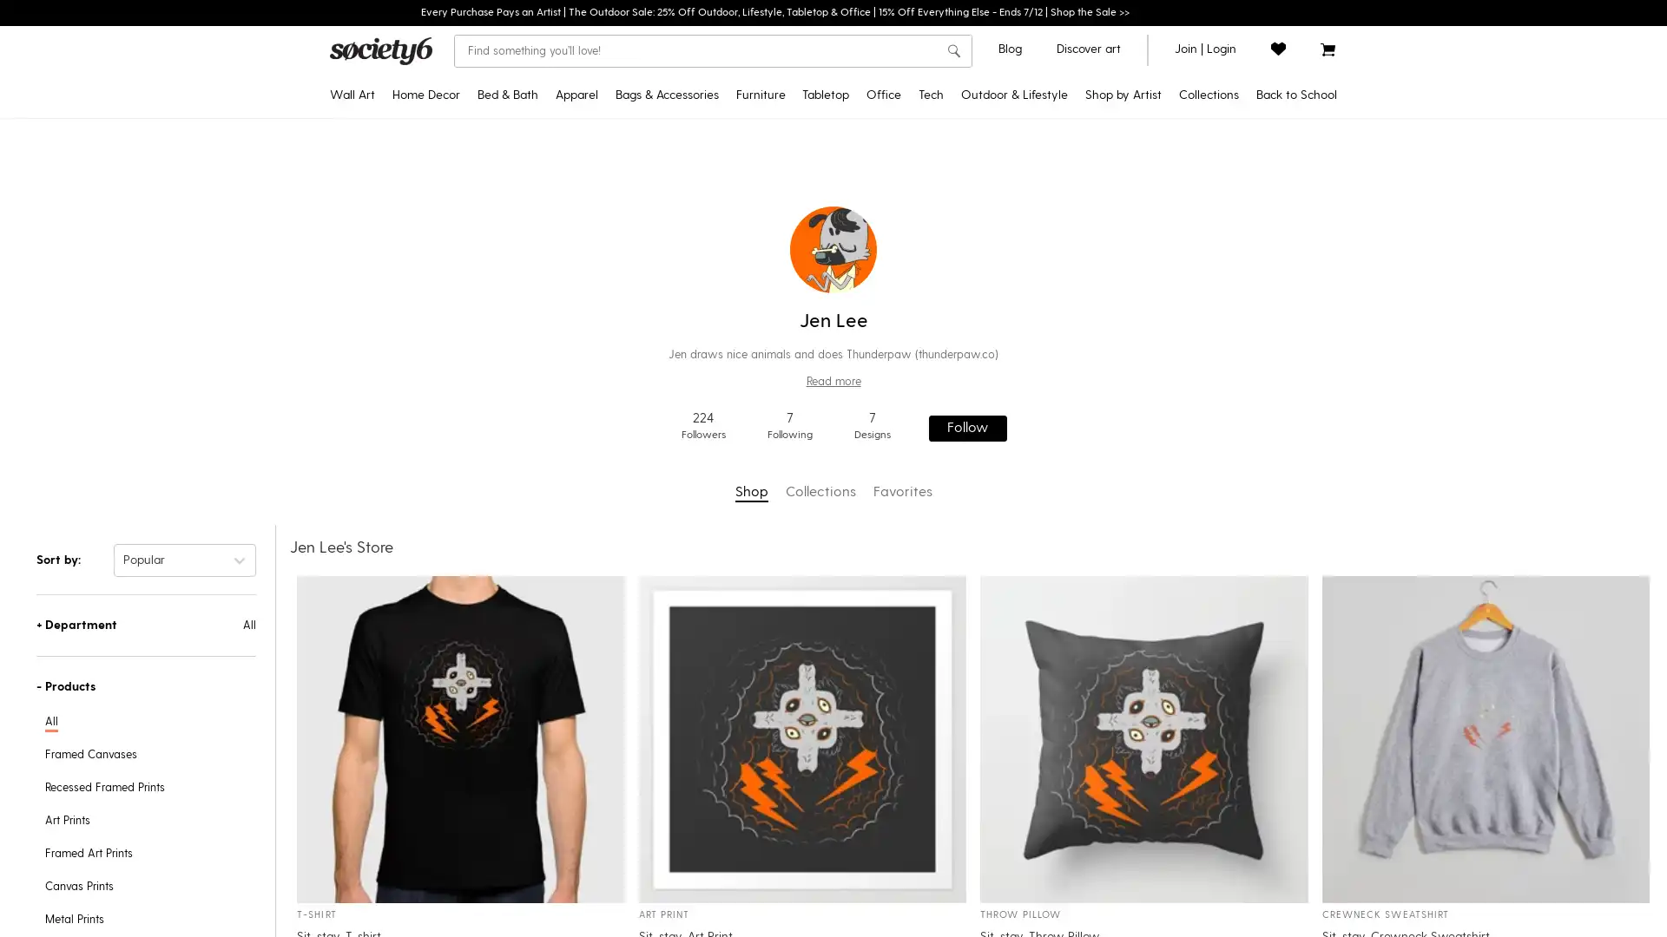  What do you see at coordinates (352, 95) in the screenshot?
I see `Wall Art` at bounding box center [352, 95].